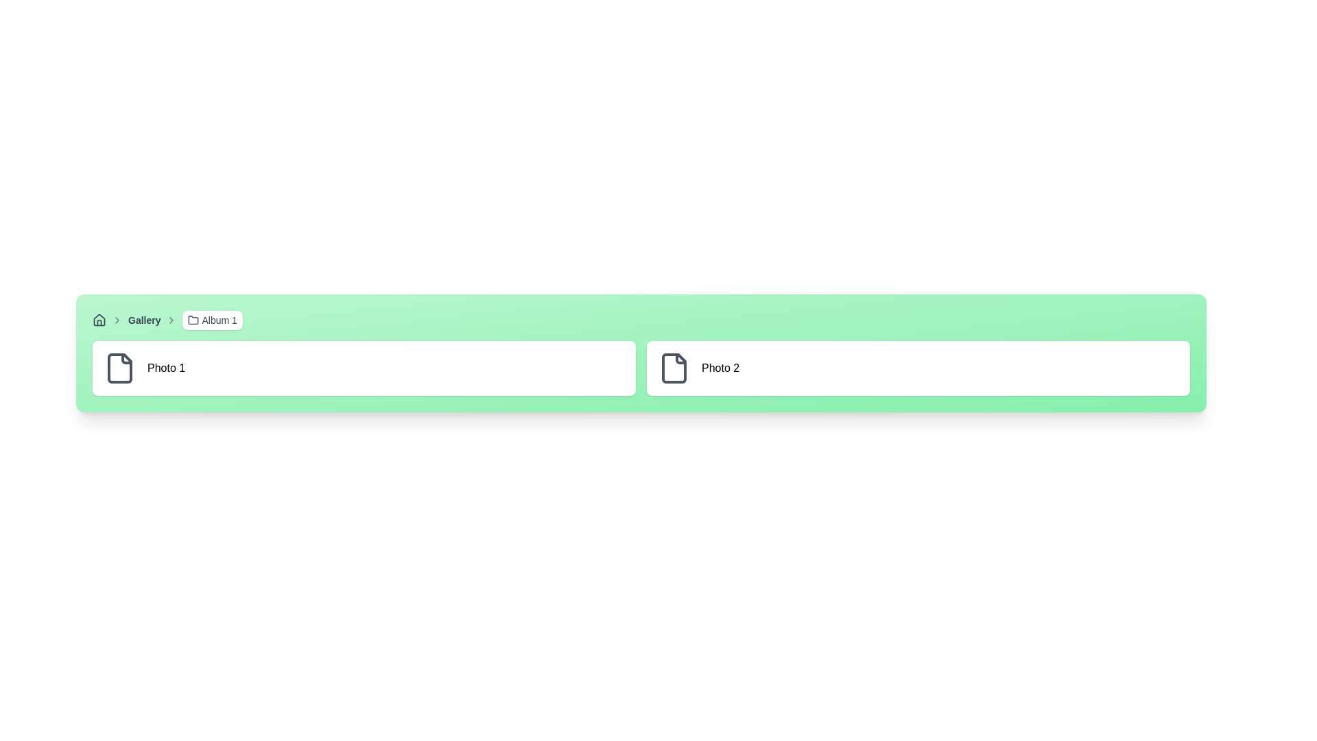 Image resolution: width=1317 pixels, height=741 pixels. I want to click on the small file or document icon with dark gray outlines located at the start of the item labeled 'Photo 1', so click(119, 367).